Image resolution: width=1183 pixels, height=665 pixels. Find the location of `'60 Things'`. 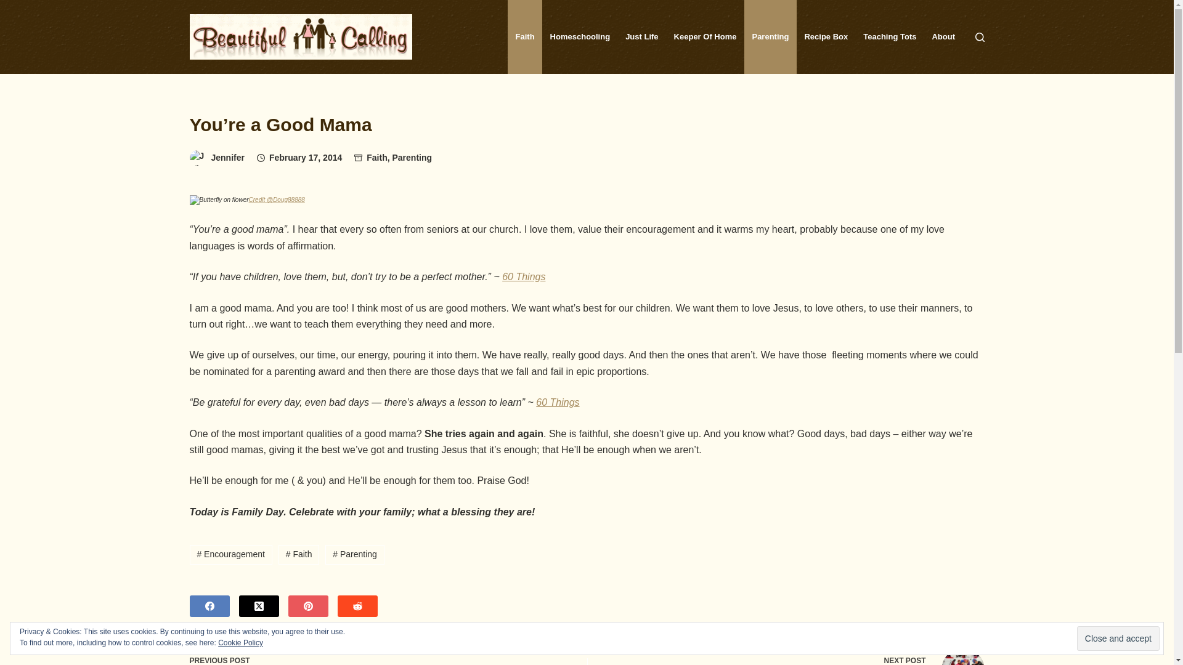

'60 Things' is located at coordinates (523, 276).